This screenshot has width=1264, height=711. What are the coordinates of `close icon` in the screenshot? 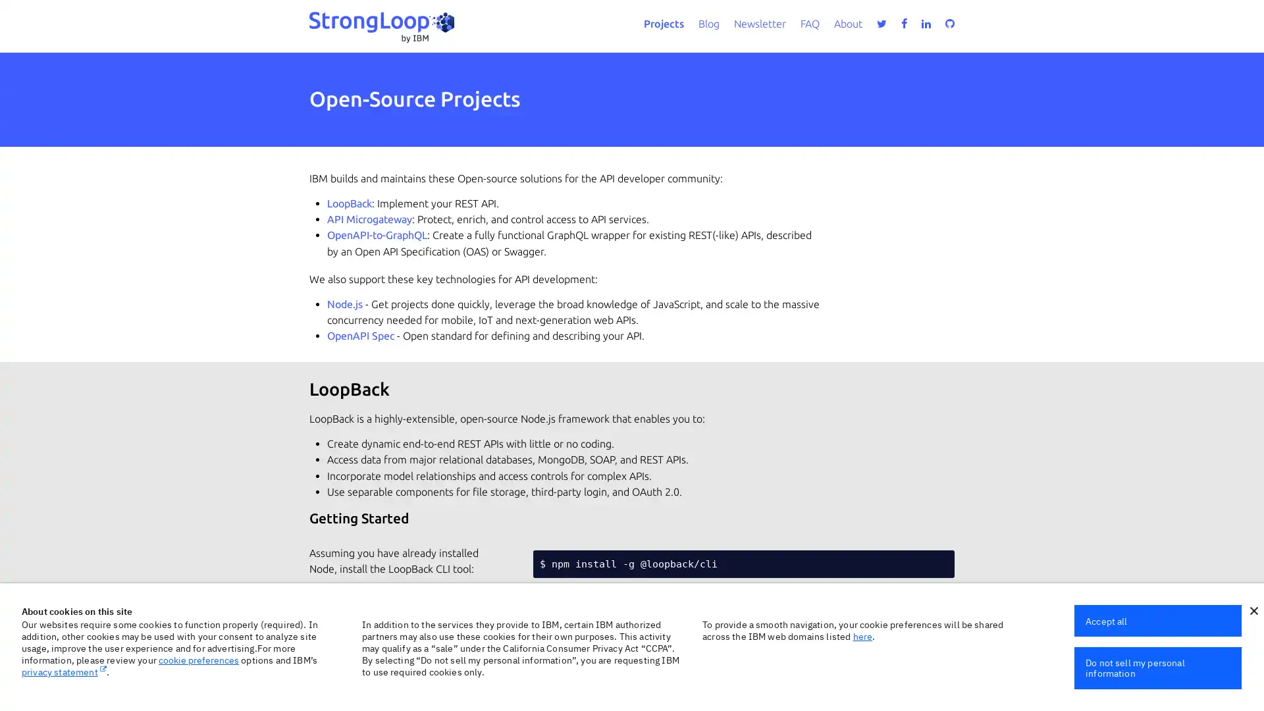 It's located at (1253, 611).